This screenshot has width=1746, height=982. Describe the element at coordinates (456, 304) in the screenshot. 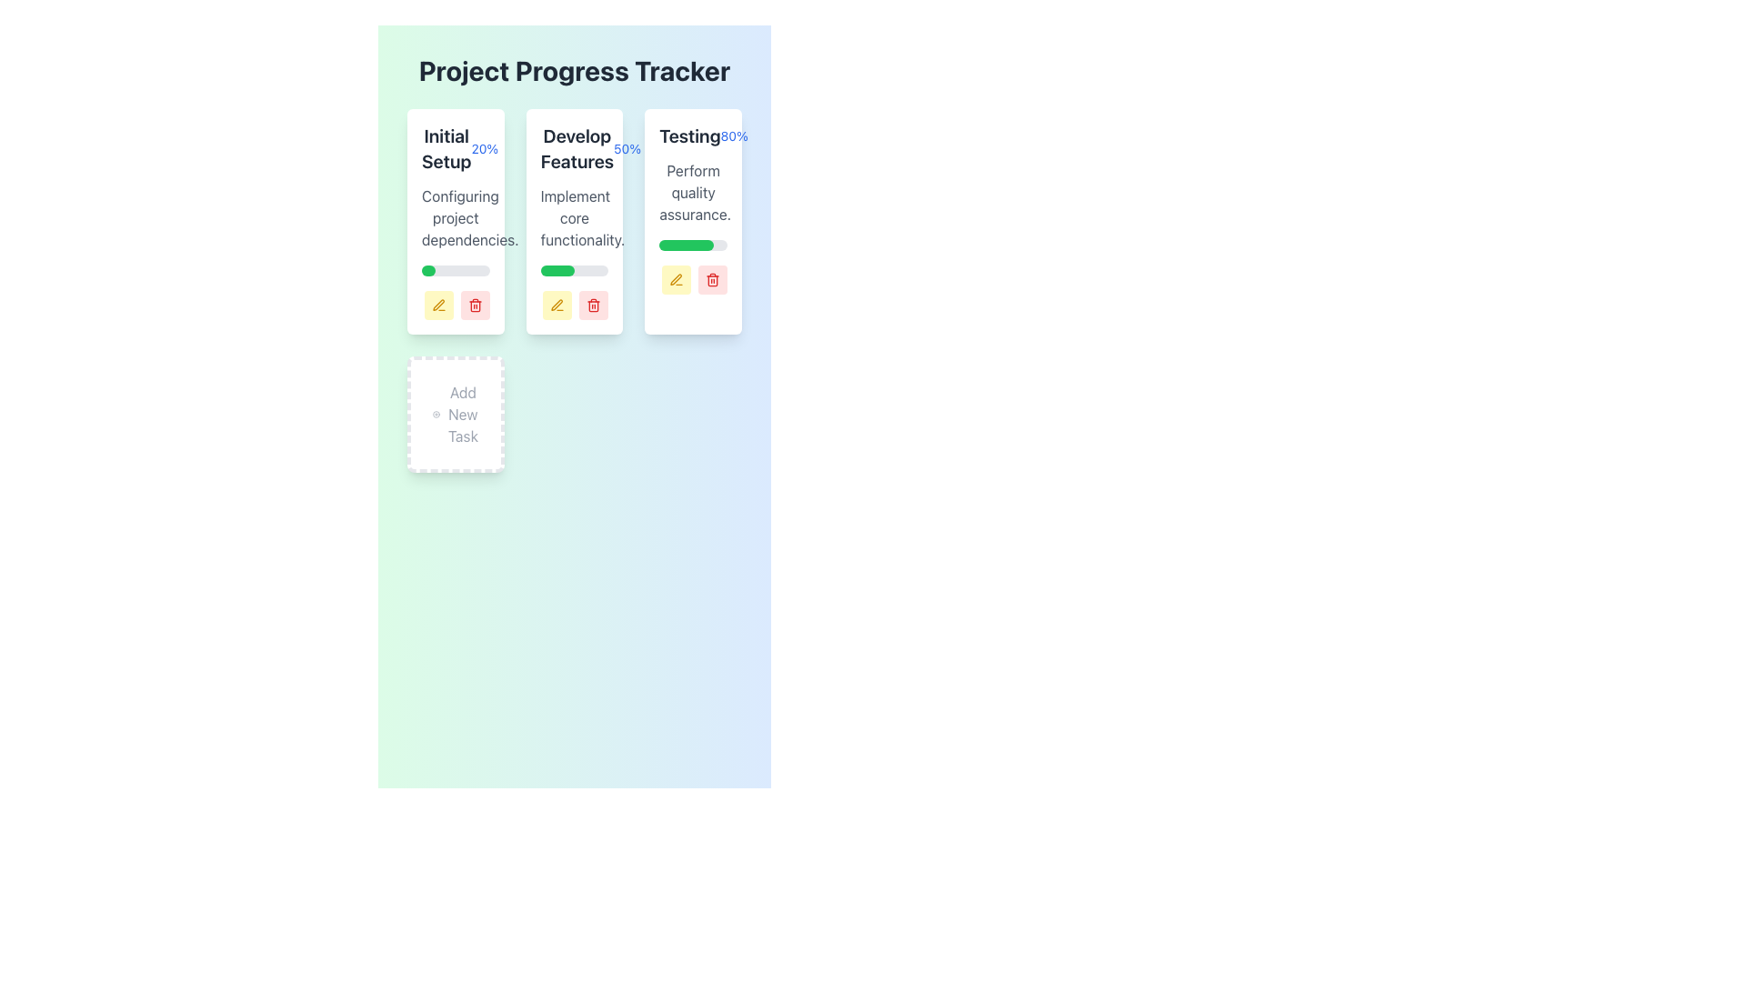

I see `the left button of the Button Group for editing a task, which is indicated by the pen icon, located at the bottom-right corner of the 'Initial Setup' card` at that location.